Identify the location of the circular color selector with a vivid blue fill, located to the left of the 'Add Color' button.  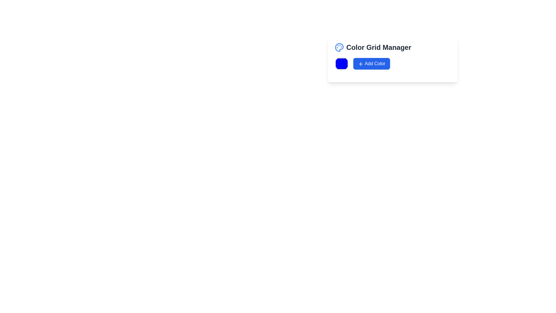
(342, 63).